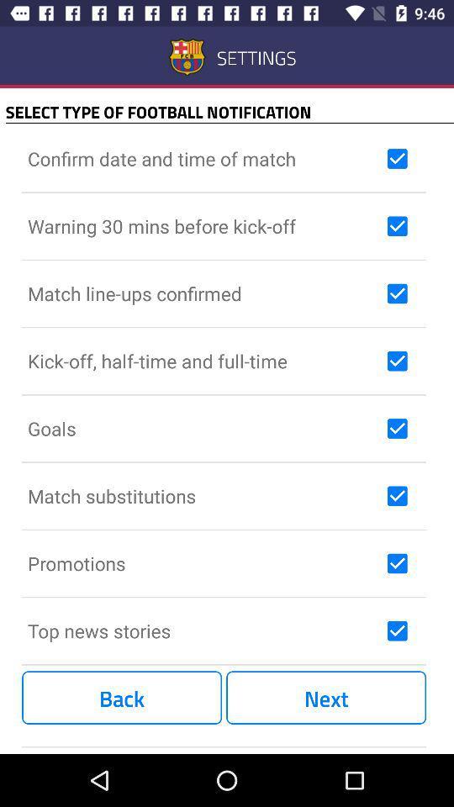  What do you see at coordinates (121, 698) in the screenshot?
I see `icon below top news stories icon` at bounding box center [121, 698].